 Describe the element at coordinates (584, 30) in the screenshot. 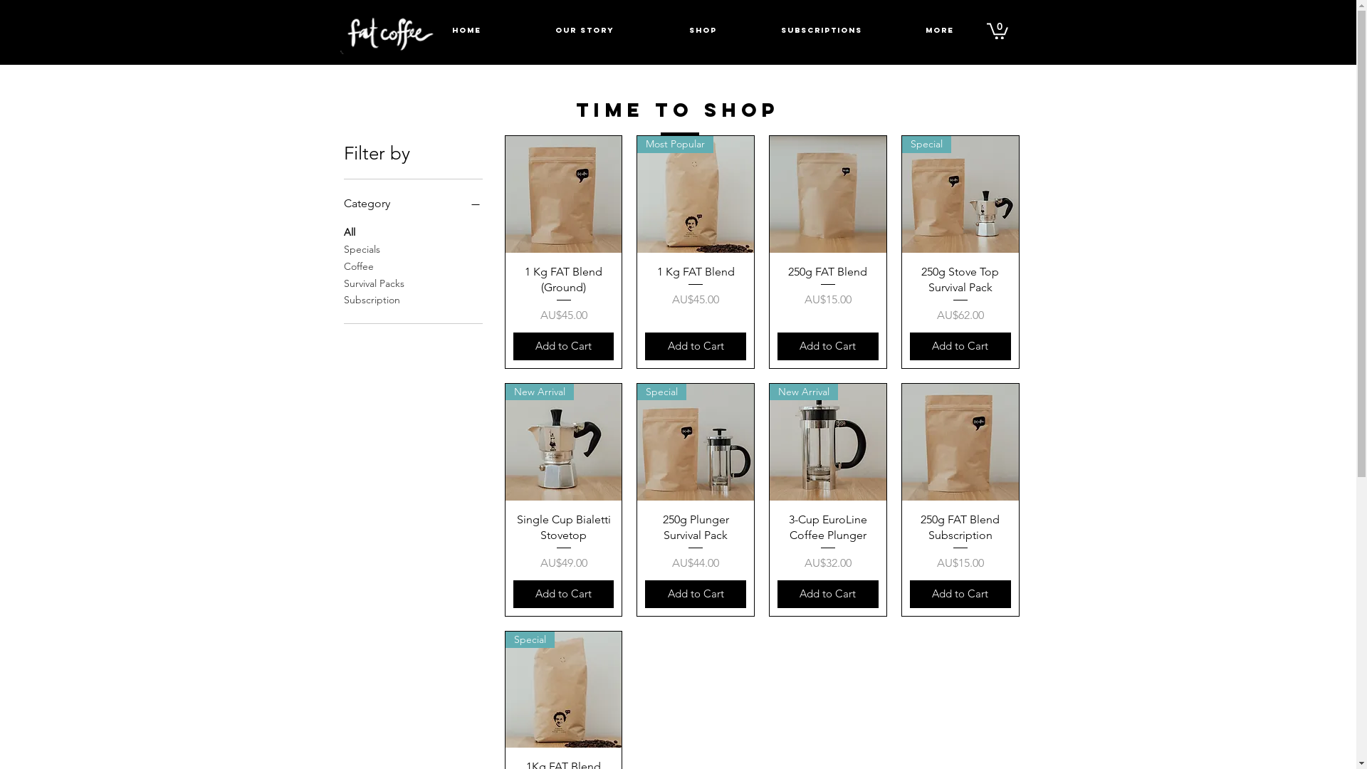

I see `'OUR STORY'` at that location.